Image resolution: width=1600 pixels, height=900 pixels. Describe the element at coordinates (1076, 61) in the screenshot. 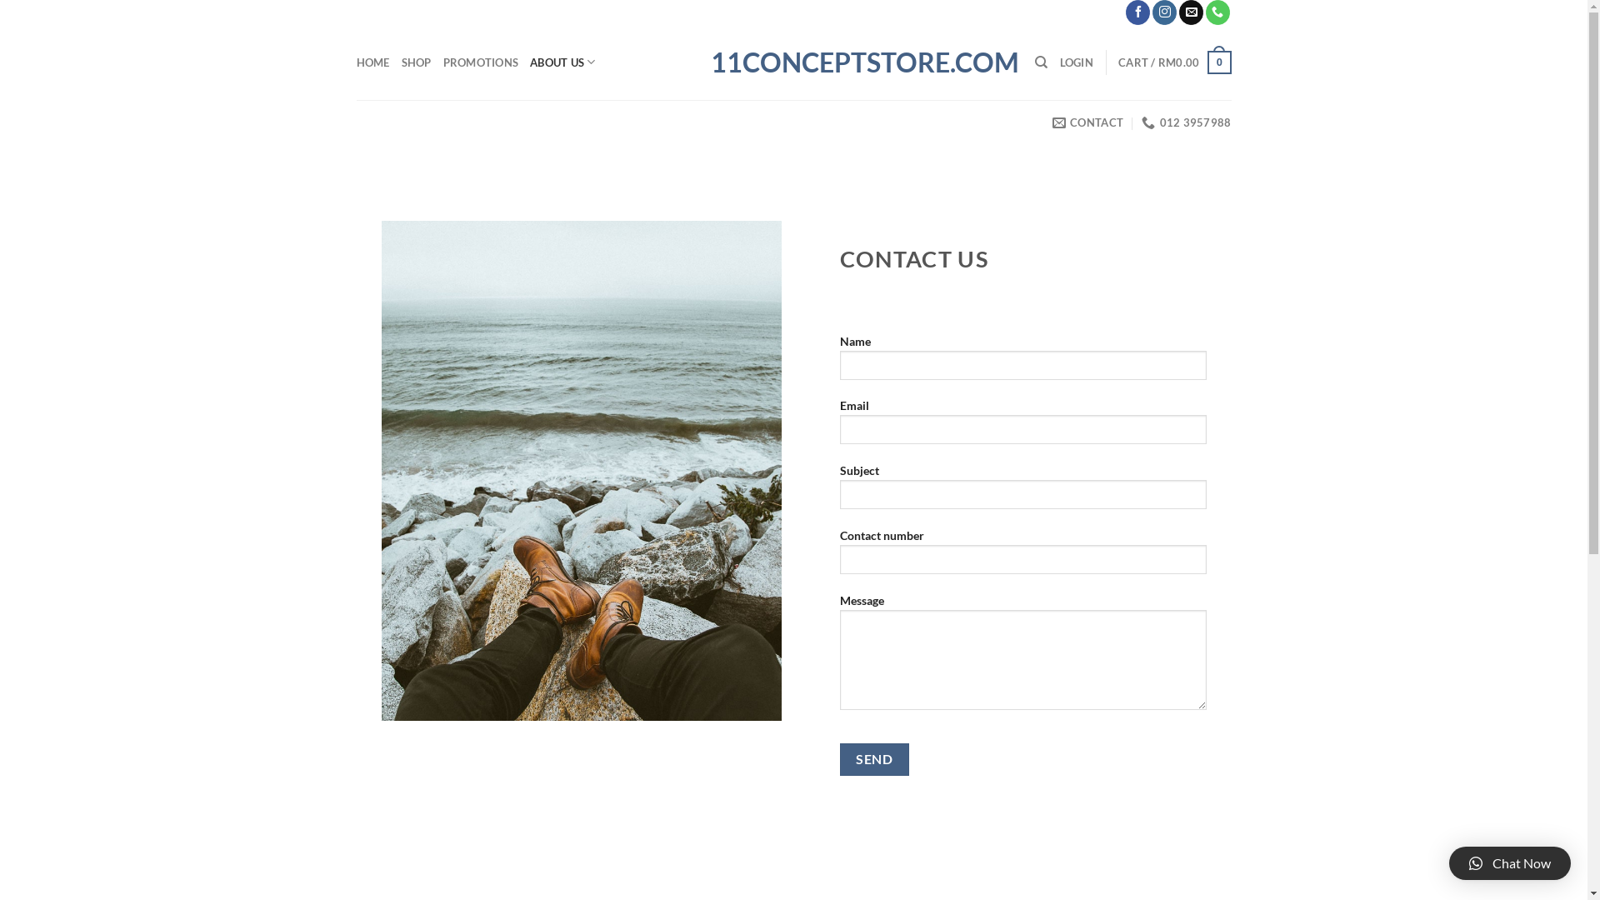

I see `'LOGIN'` at that location.